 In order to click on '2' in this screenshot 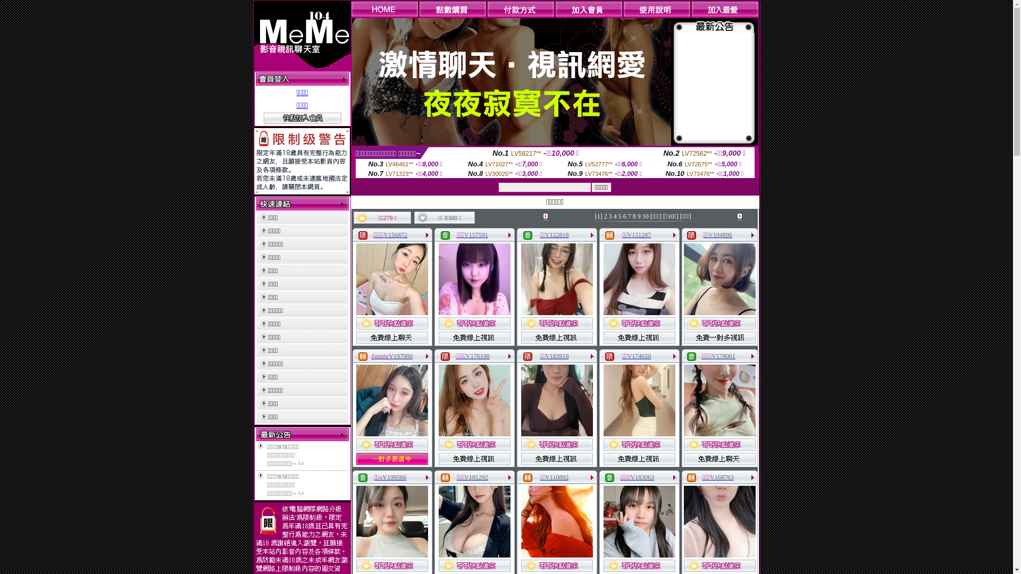, I will do `click(605, 216)`.